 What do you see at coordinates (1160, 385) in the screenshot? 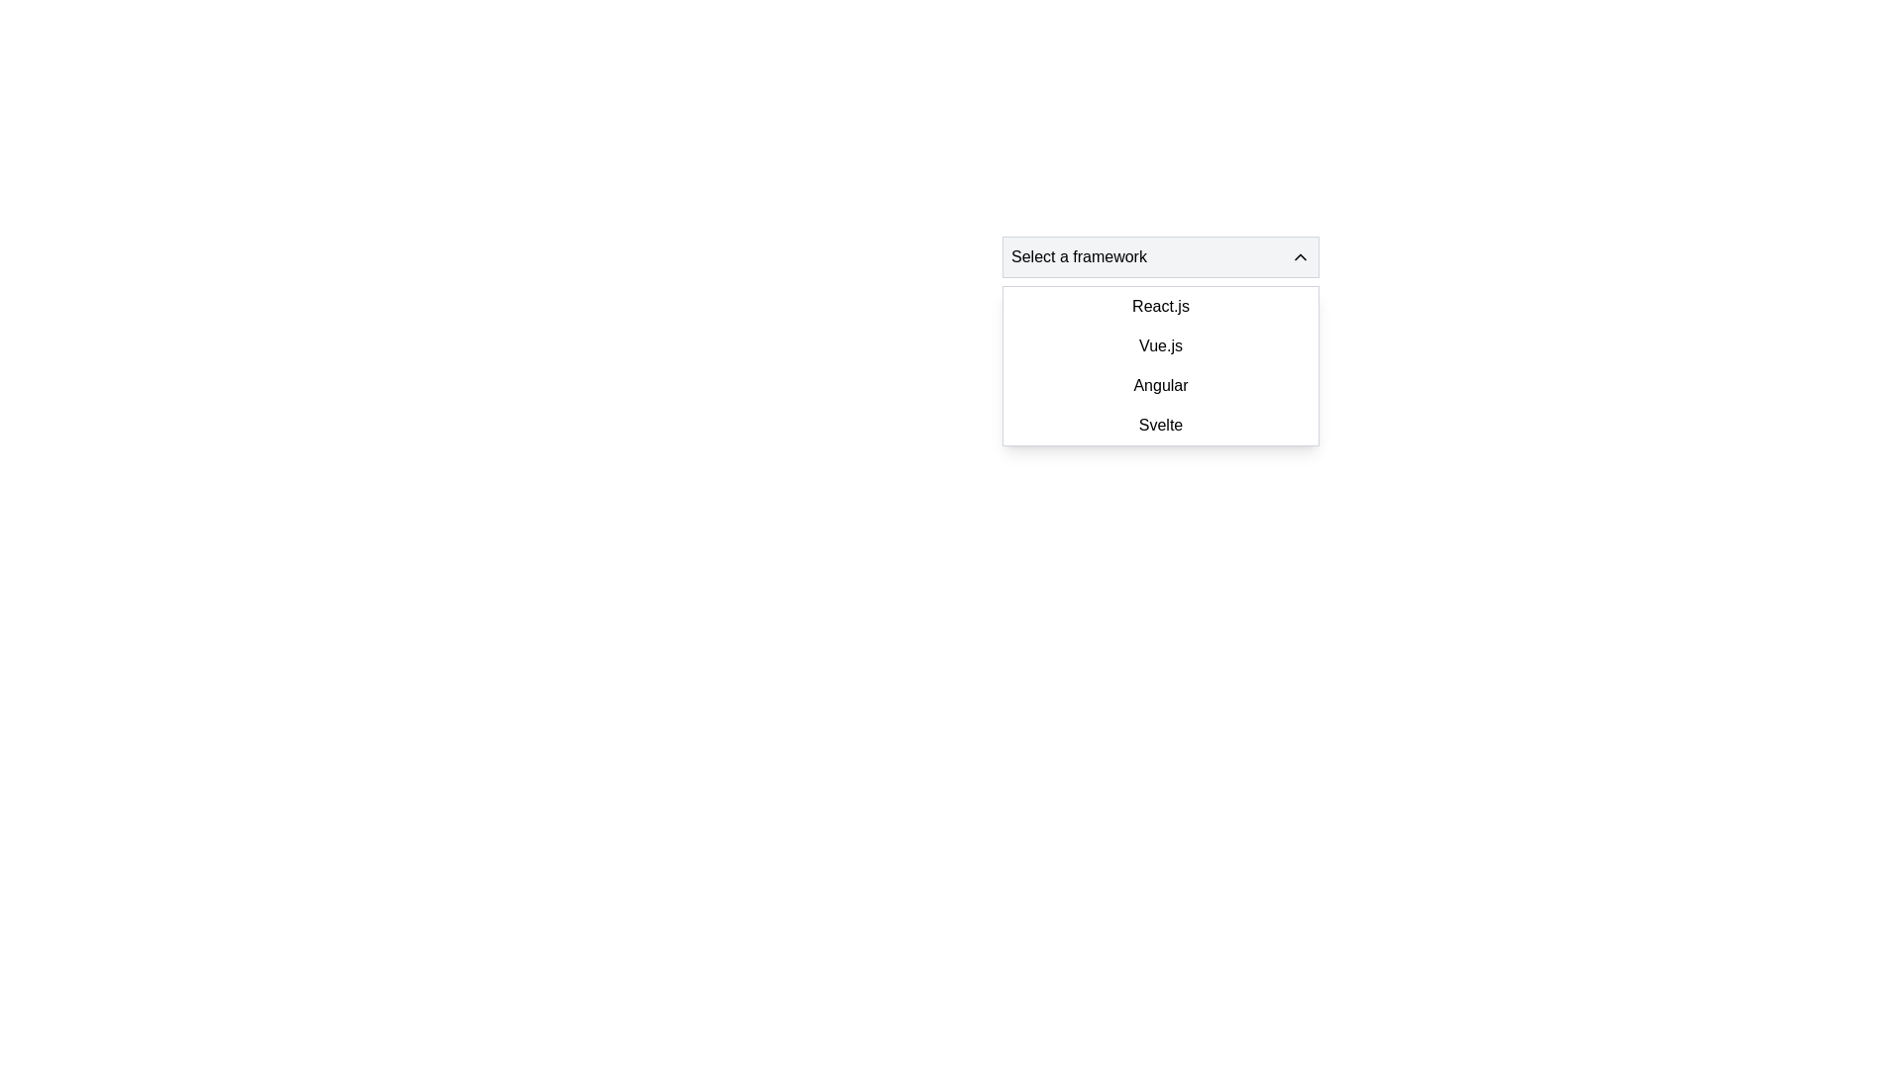
I see `the list item displaying 'Angular' in the dropdown menu` at bounding box center [1160, 385].